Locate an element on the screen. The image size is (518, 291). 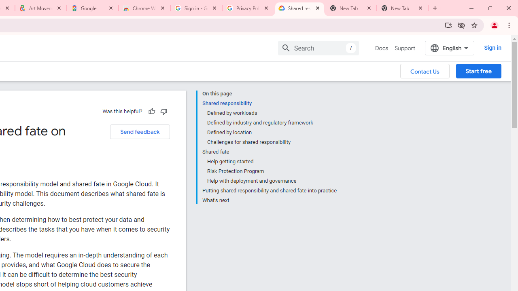
'Not helpful' is located at coordinates (163, 111).